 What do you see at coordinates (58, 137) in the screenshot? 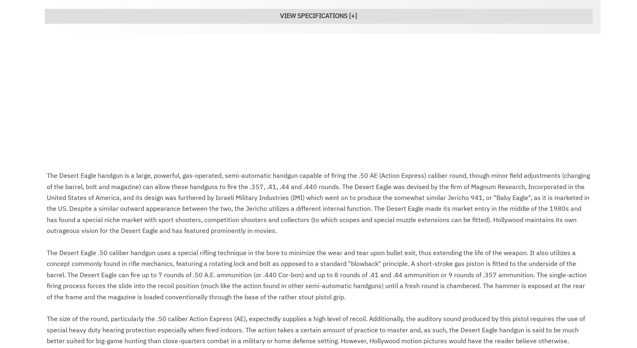
I see `'Index'` at bounding box center [58, 137].